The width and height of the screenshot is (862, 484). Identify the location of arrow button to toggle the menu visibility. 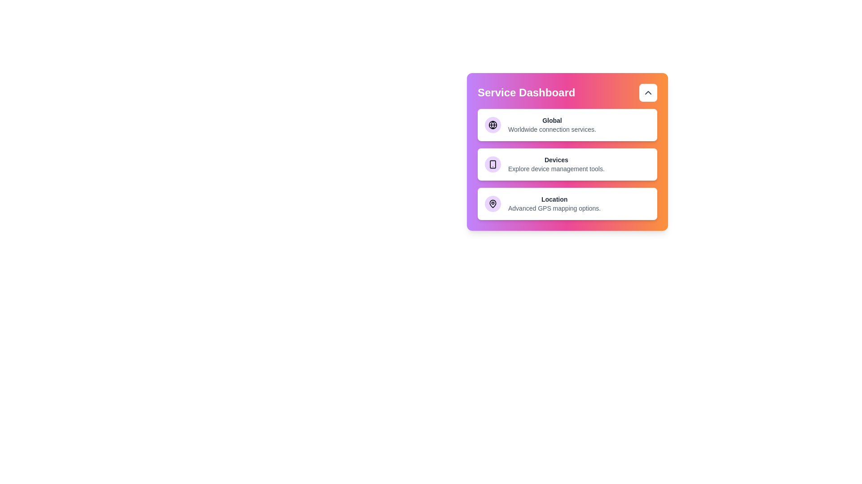
(648, 93).